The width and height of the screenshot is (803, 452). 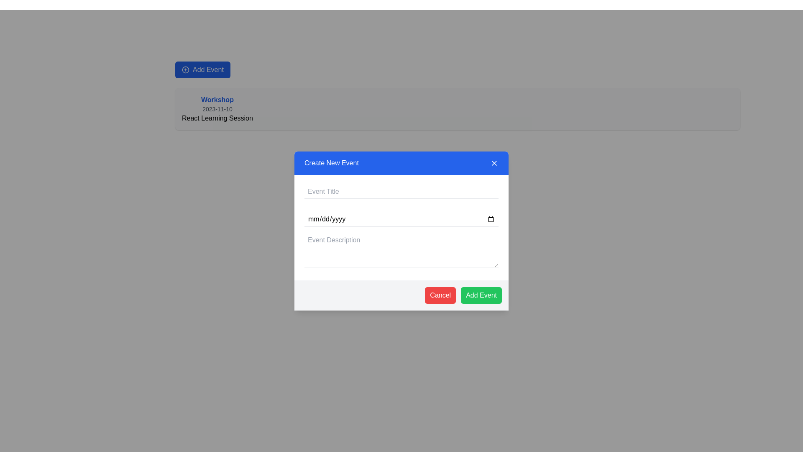 What do you see at coordinates (481, 295) in the screenshot?
I see `the 'Add Event' button, which is a rectangular button with a vibrant green background and white bold text, located towards the bottom right of the interface` at bounding box center [481, 295].